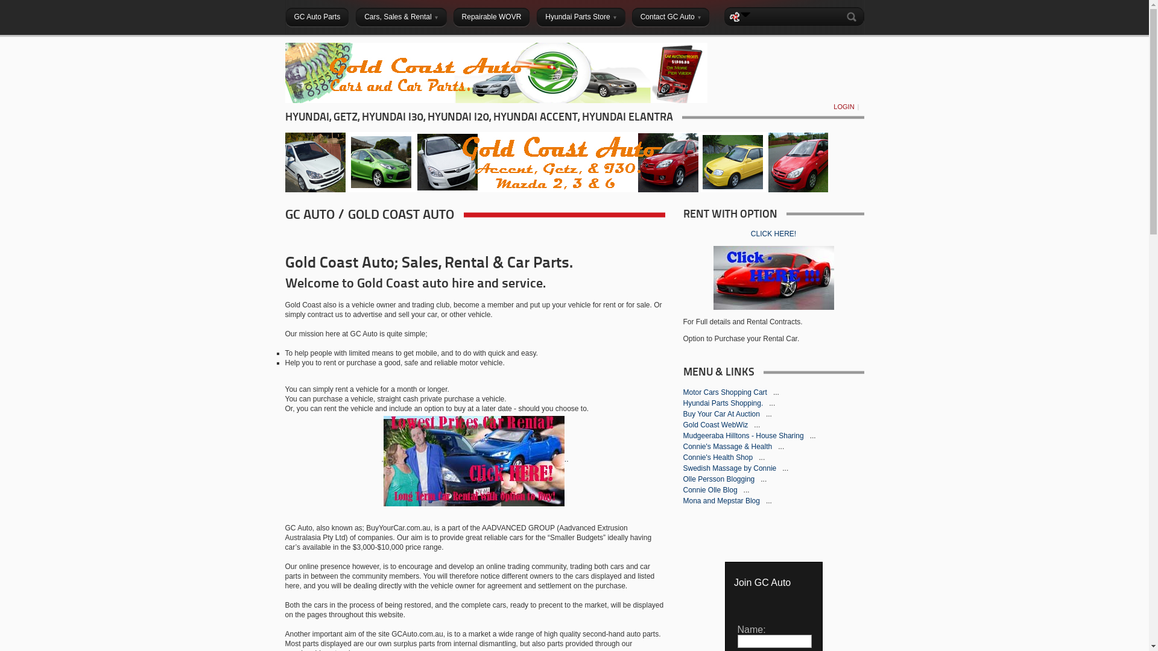 Image resolution: width=1158 pixels, height=651 pixels. I want to click on 'Select the search type', so click(745, 14).